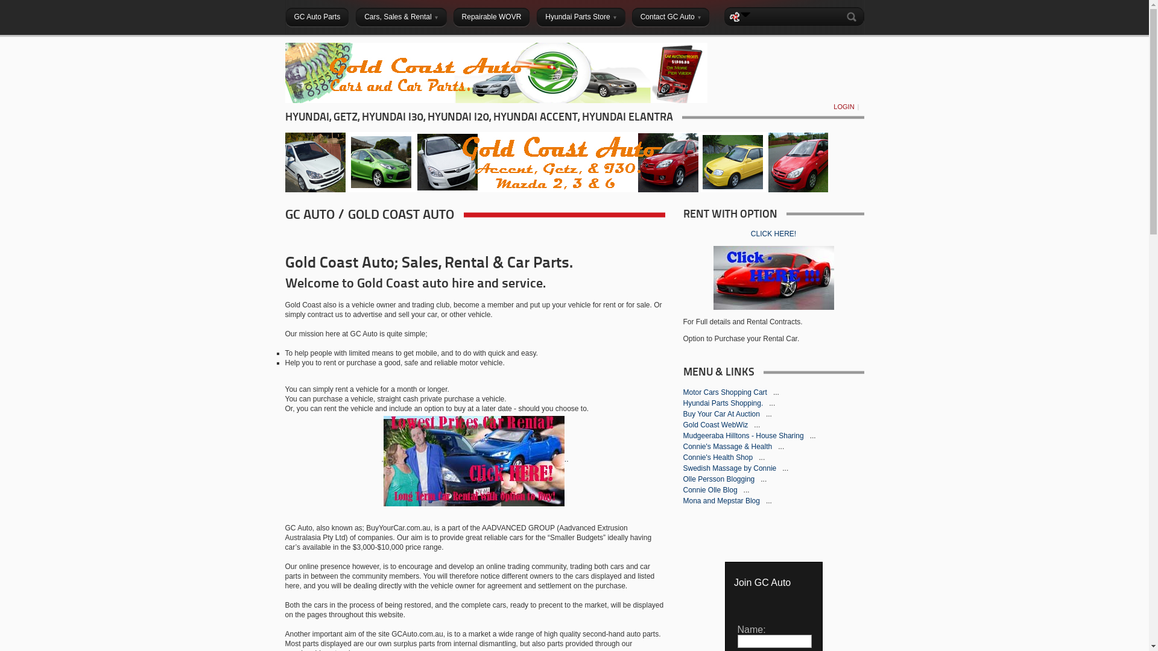 Image resolution: width=1158 pixels, height=651 pixels. I want to click on 'Select the search type', so click(745, 14).